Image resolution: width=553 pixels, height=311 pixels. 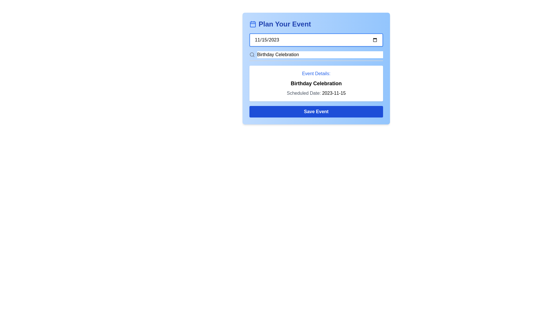 What do you see at coordinates (253, 24) in the screenshot?
I see `the vibrant blue calendar icon located in the upper-left corner of the 'Plan Your Event' form, which has a square outline with rounded corners and two short vertical lines at the top resembling binder rings` at bounding box center [253, 24].